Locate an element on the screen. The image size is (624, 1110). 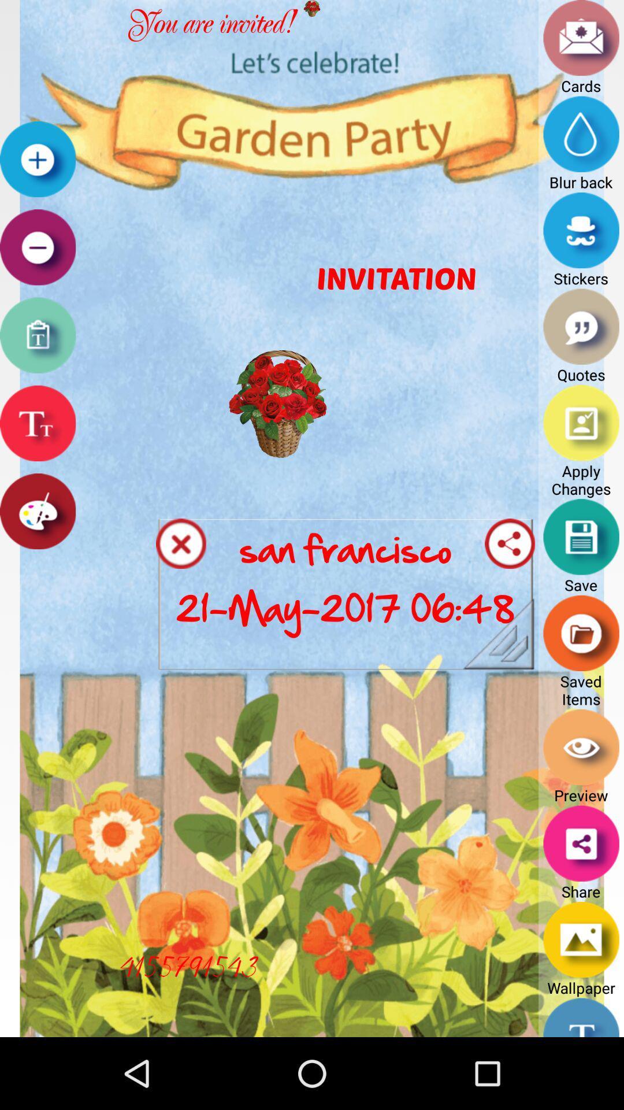
the font icon is located at coordinates (37, 452).